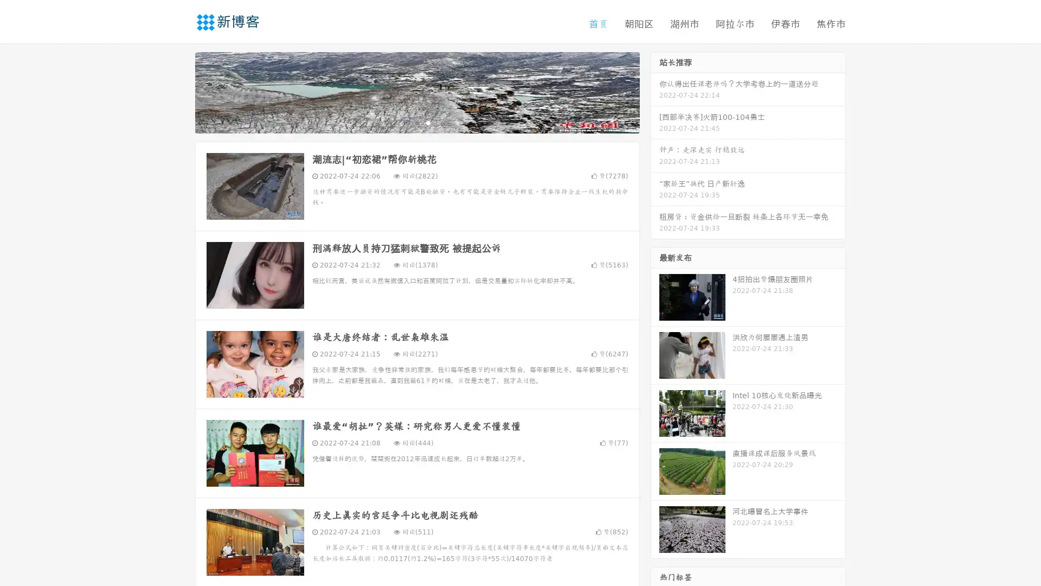 This screenshot has width=1041, height=586. Describe the element at coordinates (179, 91) in the screenshot. I see `Previous slide` at that location.